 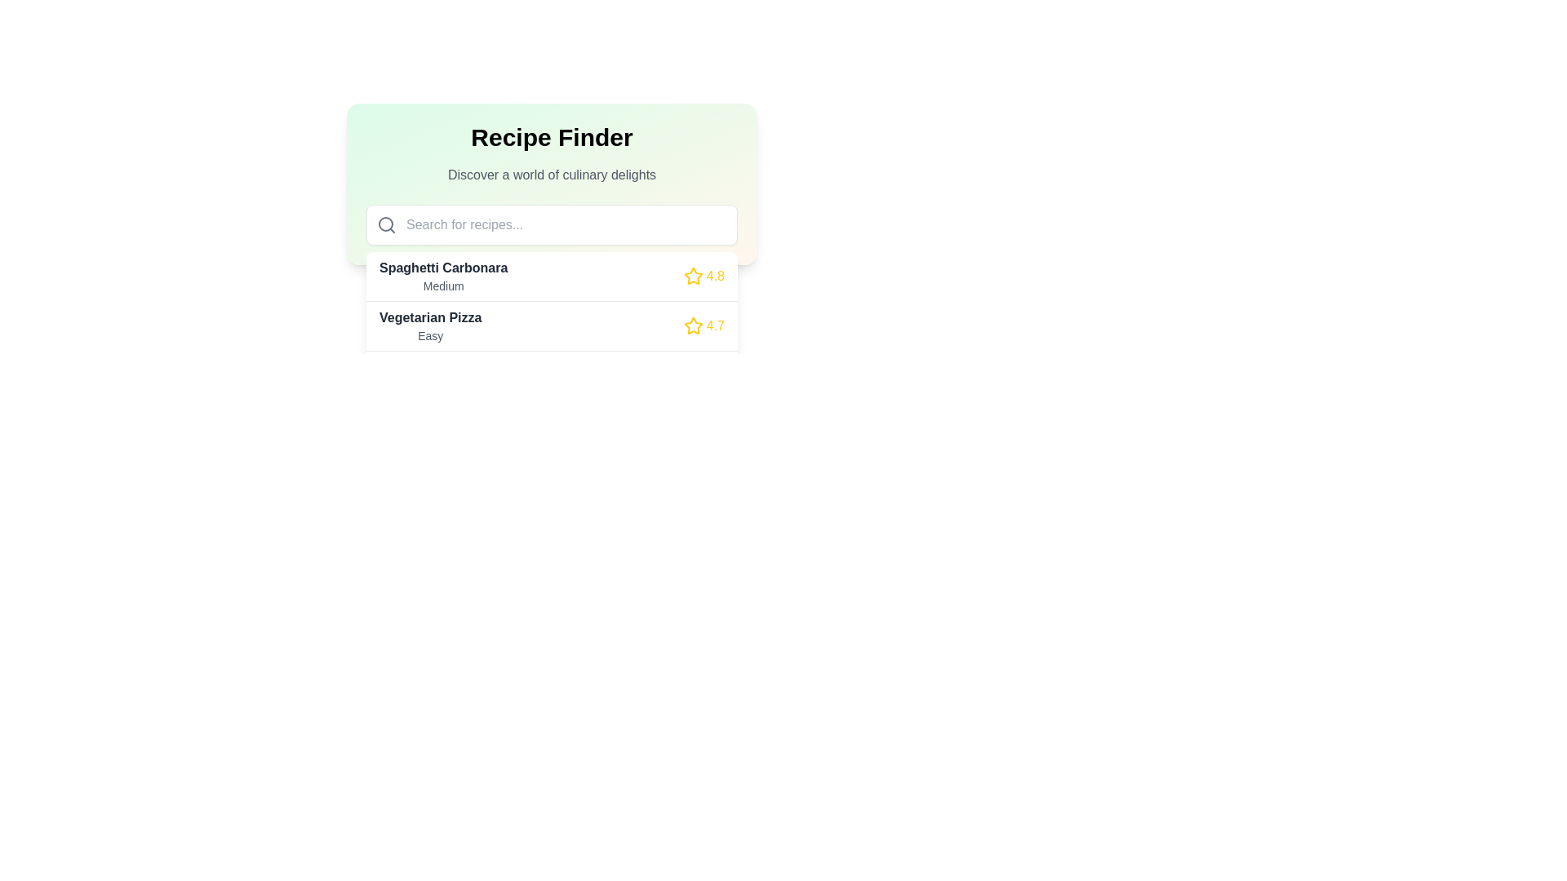 What do you see at coordinates (704, 326) in the screenshot?
I see `the Rating Indicator element displaying a star icon and the rating '4.7' in yellow, located in the second row of the list, to the right of 'Vegetarian Pizza' and 'Easy'` at bounding box center [704, 326].